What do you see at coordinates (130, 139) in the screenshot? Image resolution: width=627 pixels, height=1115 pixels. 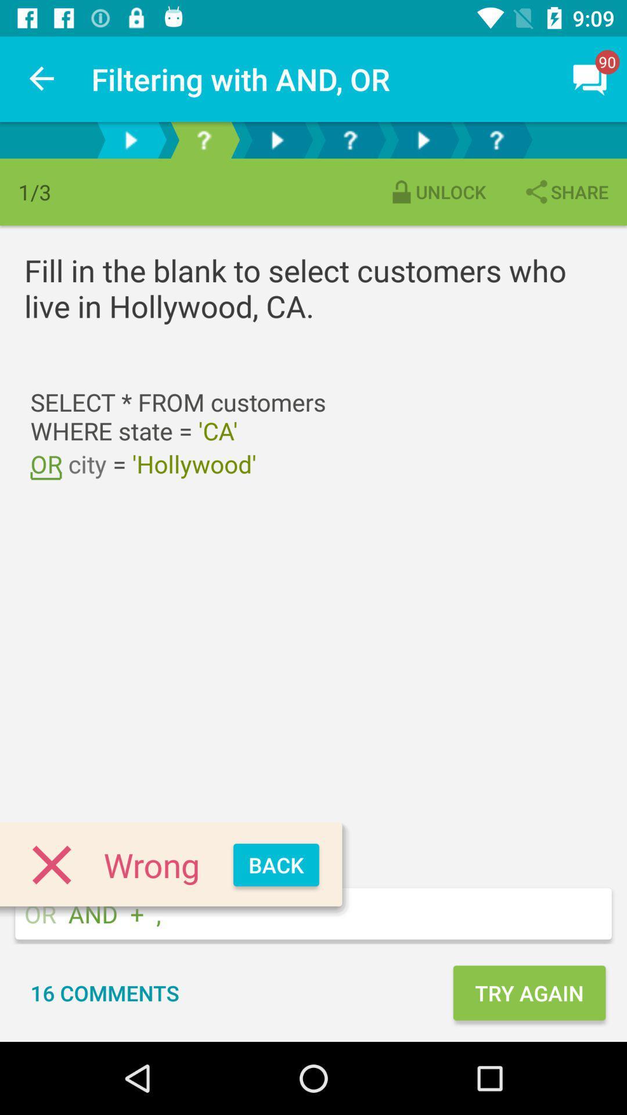 I see `the first arrow button at the top of the page` at bounding box center [130, 139].